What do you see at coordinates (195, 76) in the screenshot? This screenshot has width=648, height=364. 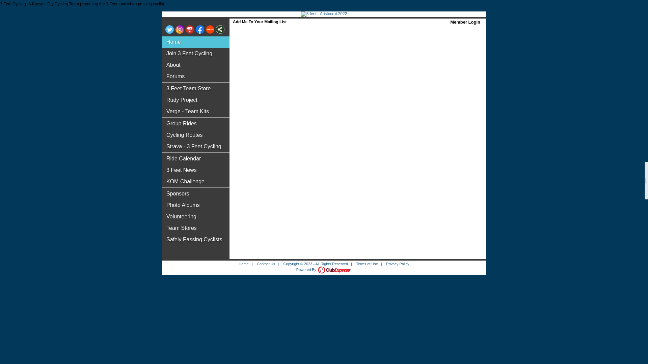 I see `'Forums'` at bounding box center [195, 76].